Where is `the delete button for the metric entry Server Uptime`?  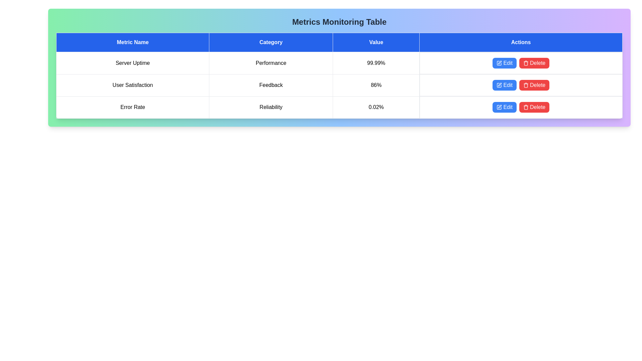 the delete button for the metric entry Server Uptime is located at coordinates (534, 63).